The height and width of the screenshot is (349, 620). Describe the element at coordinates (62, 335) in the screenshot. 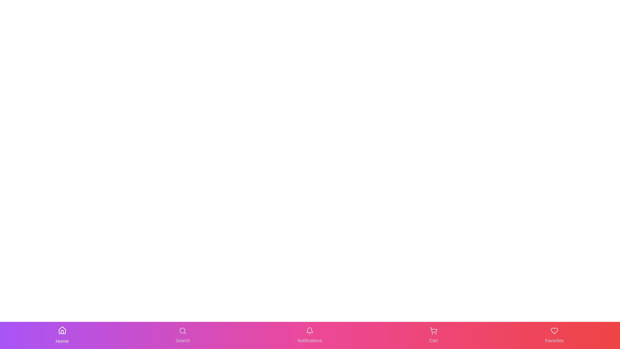

I see `the Home button to navigate to the corresponding section` at that location.